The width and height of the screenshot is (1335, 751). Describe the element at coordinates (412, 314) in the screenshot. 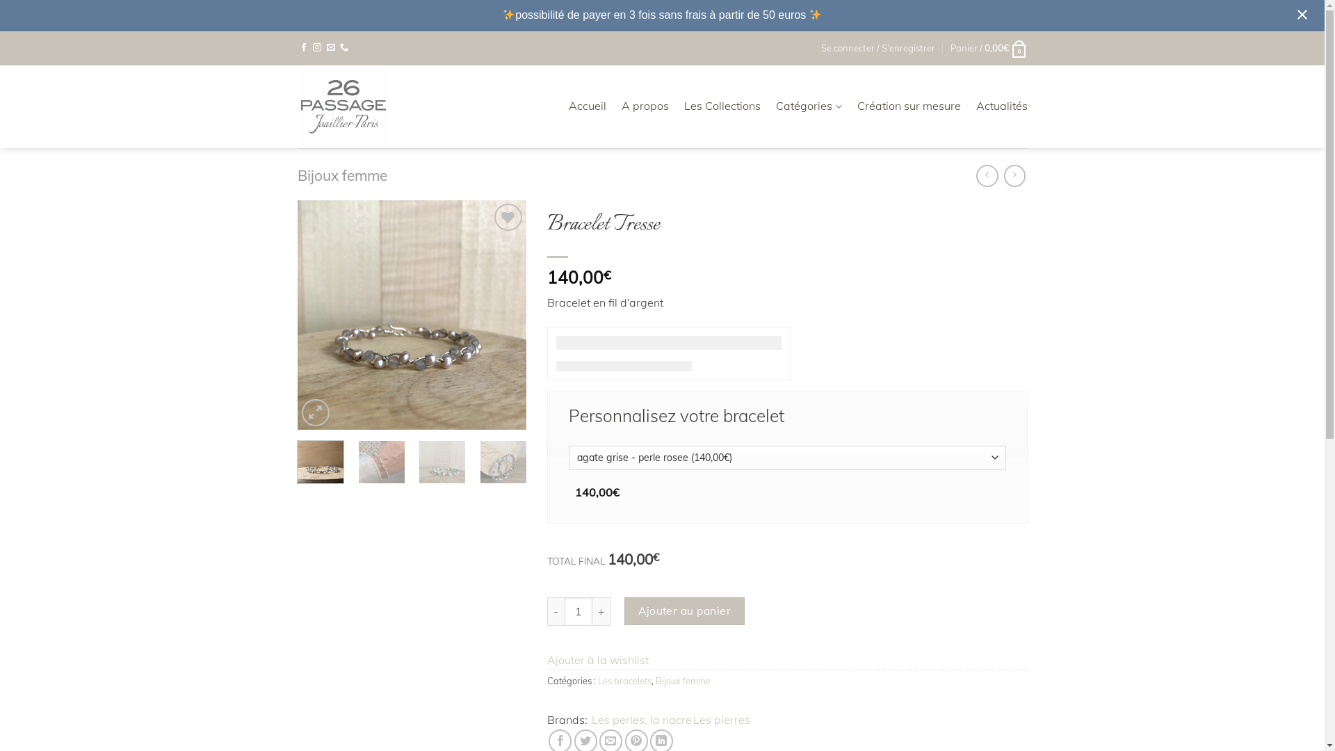

I see `'bracelet argent perles agate grise et rosees'` at that location.